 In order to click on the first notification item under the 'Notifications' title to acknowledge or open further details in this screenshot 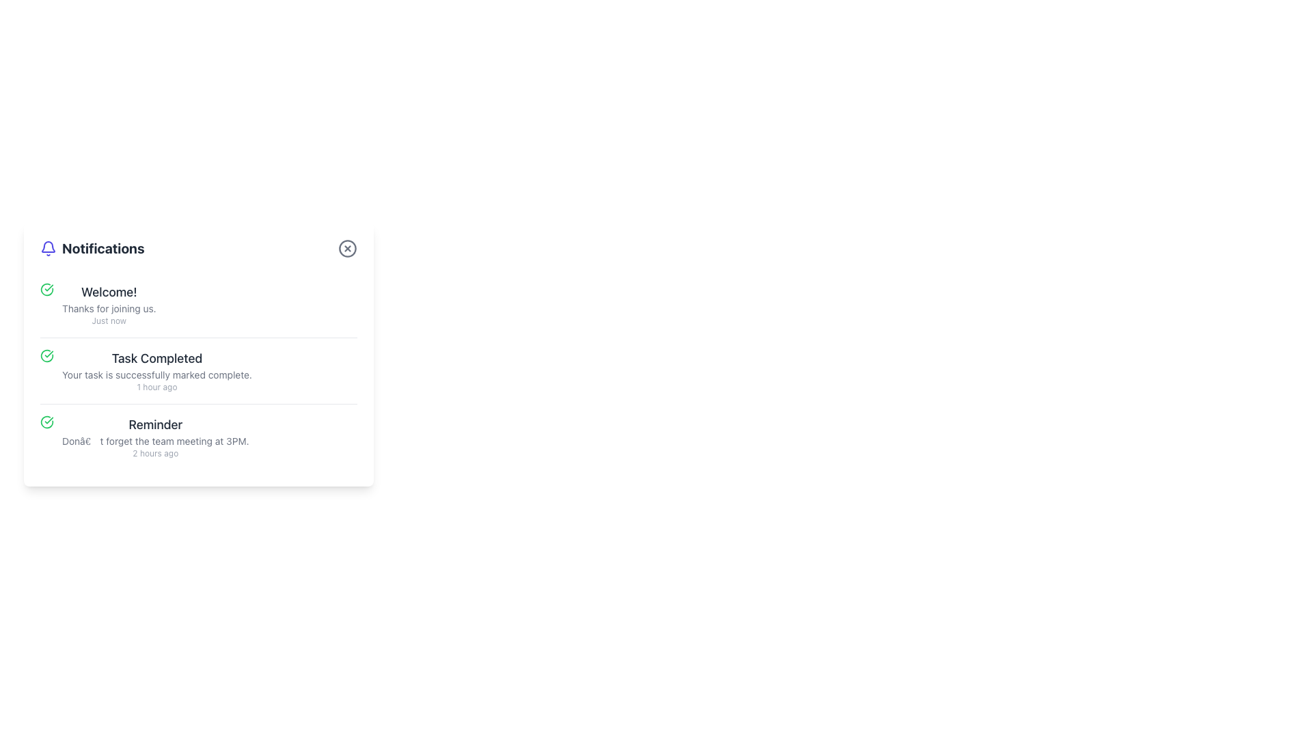, I will do `click(198, 304)`.